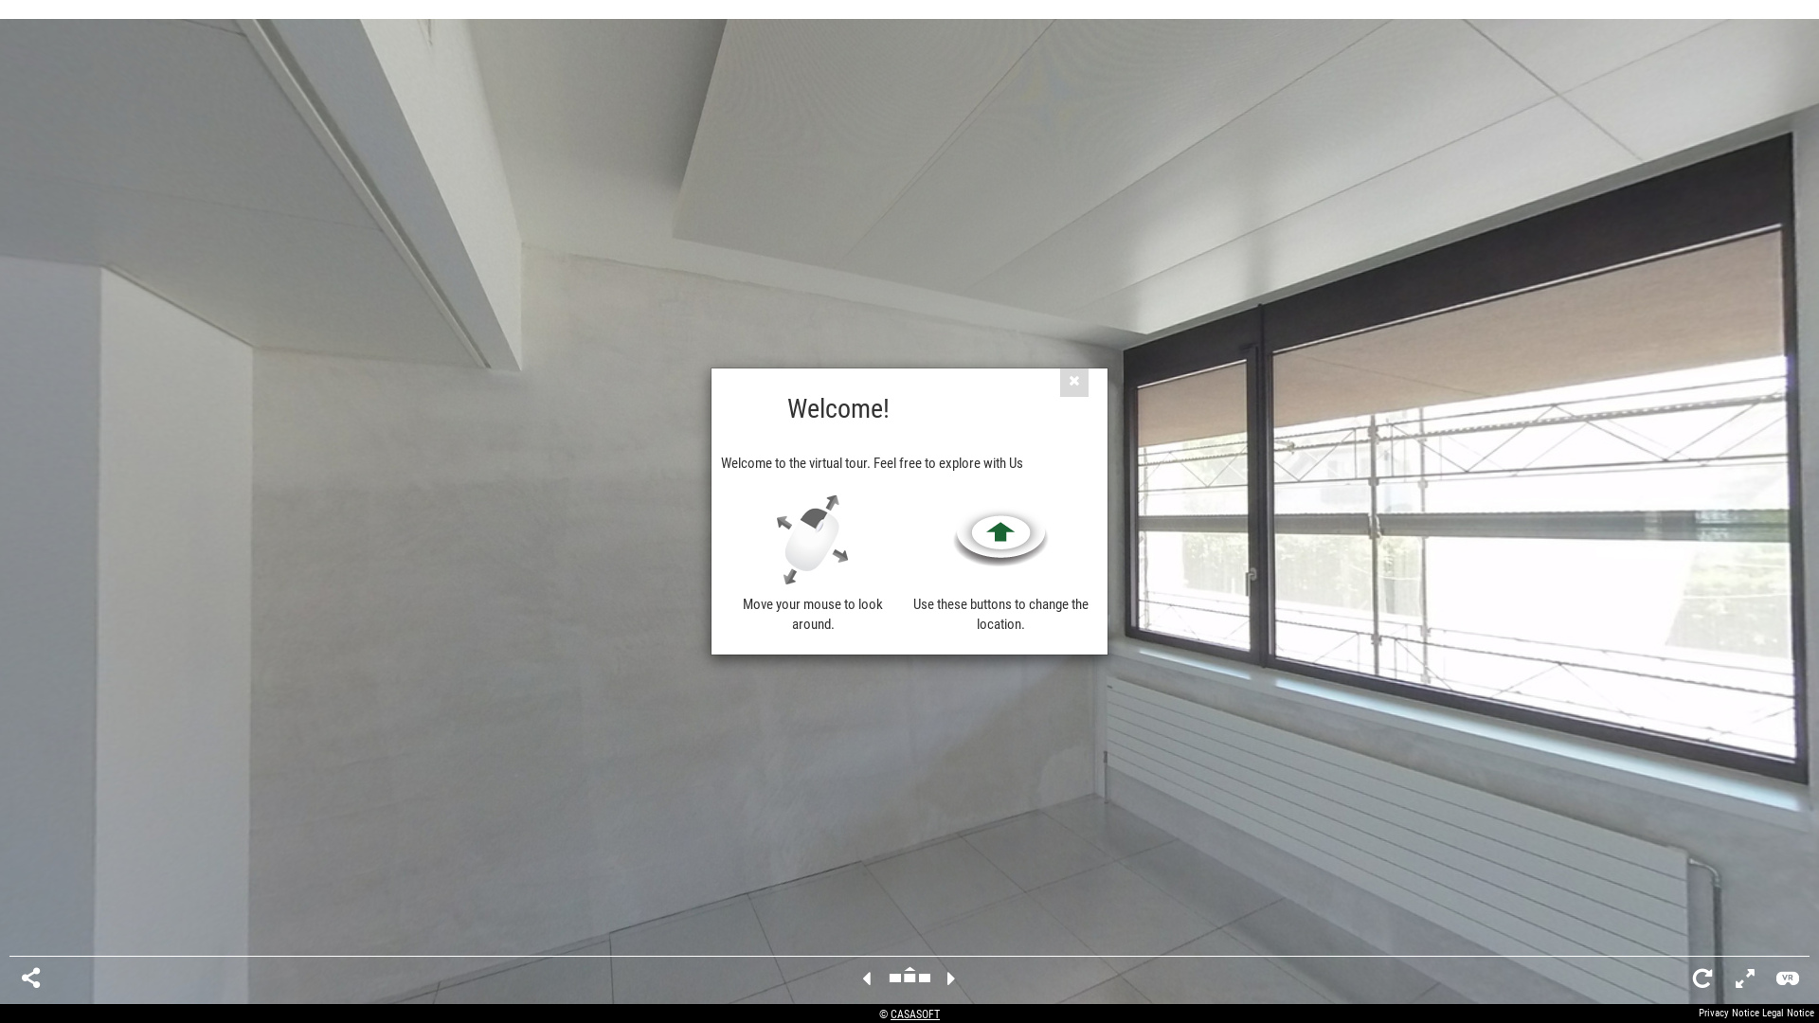 This screenshot has width=1819, height=1023. I want to click on 'Previous', so click(865, 978).